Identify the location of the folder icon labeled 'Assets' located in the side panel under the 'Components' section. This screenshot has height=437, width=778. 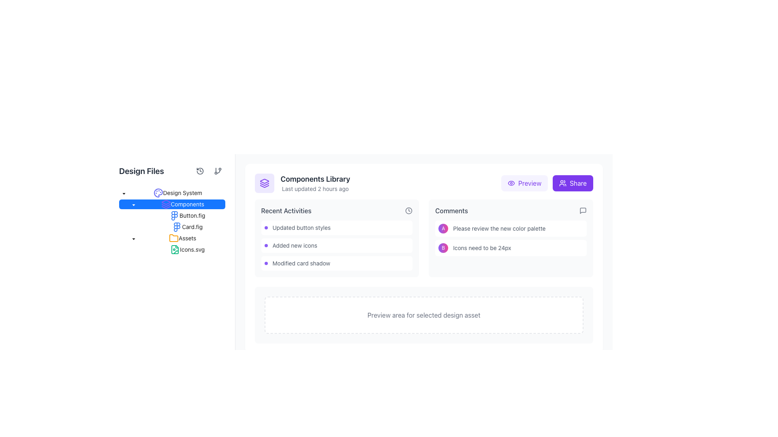
(173, 238).